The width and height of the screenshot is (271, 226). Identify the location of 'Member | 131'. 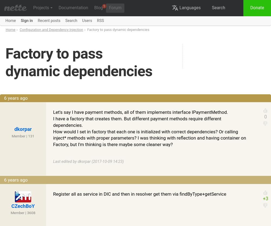
(12, 135).